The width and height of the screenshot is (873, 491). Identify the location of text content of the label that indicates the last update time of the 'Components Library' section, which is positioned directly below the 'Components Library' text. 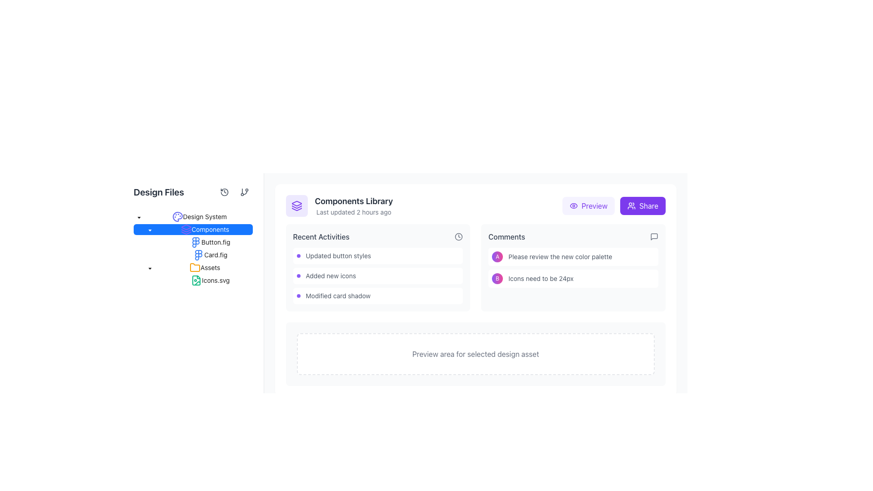
(353, 212).